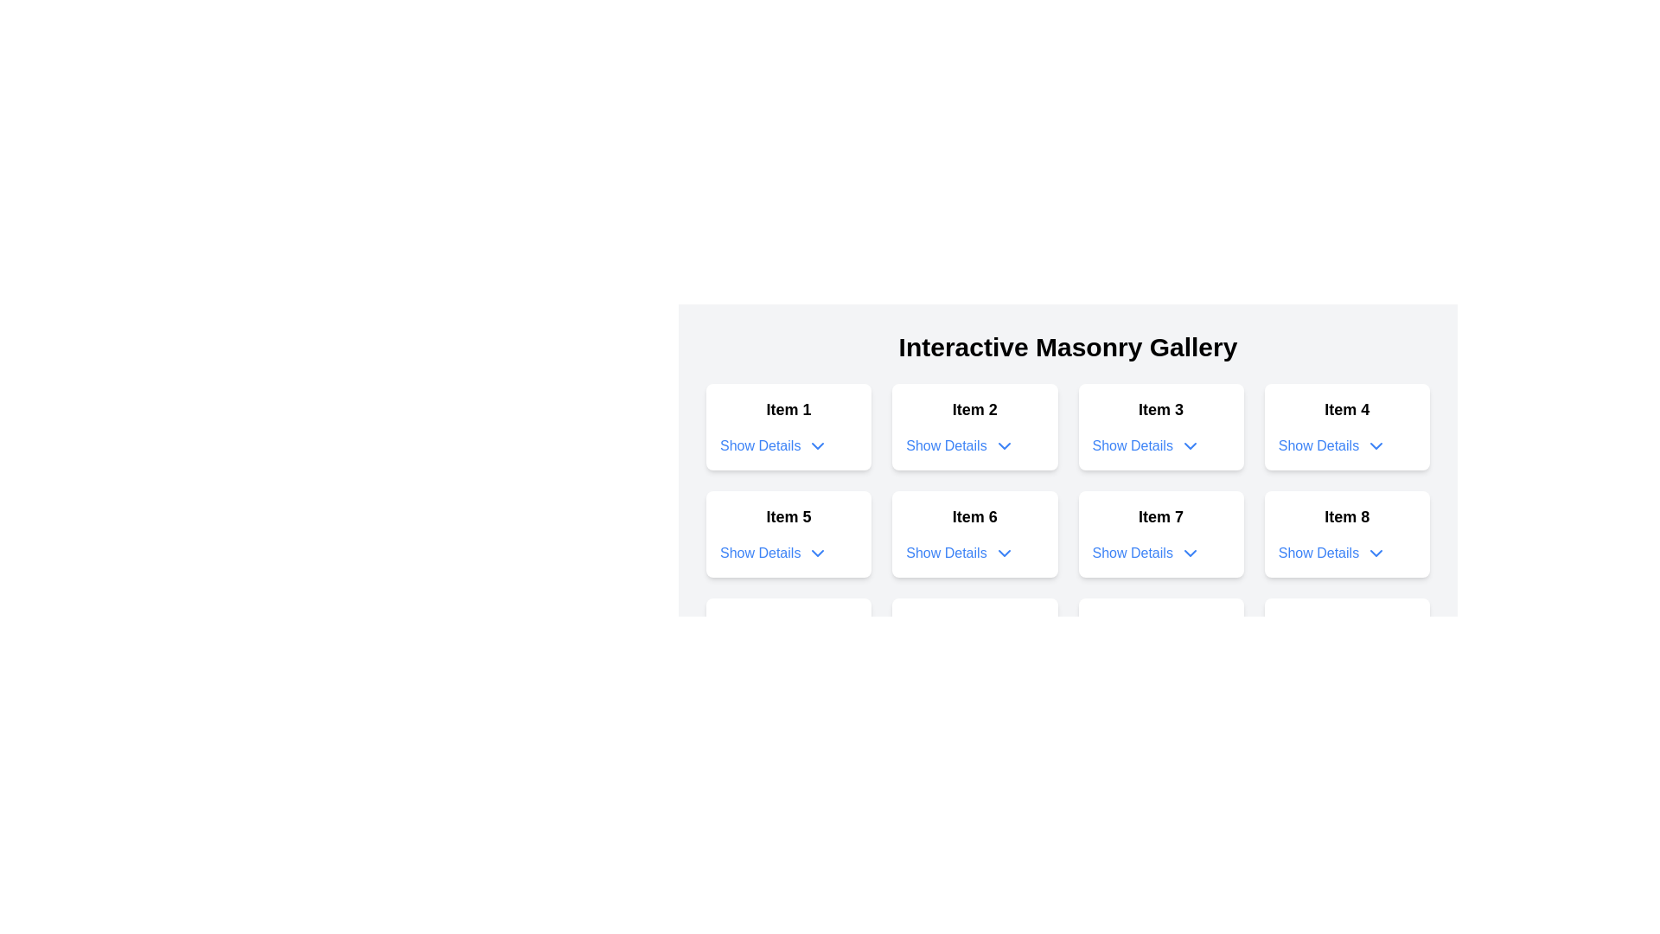  What do you see at coordinates (1161, 533) in the screenshot?
I see `the 'Show Details' link within the card displaying 'Item 7', which is located in the third row and third column of the grid layout` at bounding box center [1161, 533].